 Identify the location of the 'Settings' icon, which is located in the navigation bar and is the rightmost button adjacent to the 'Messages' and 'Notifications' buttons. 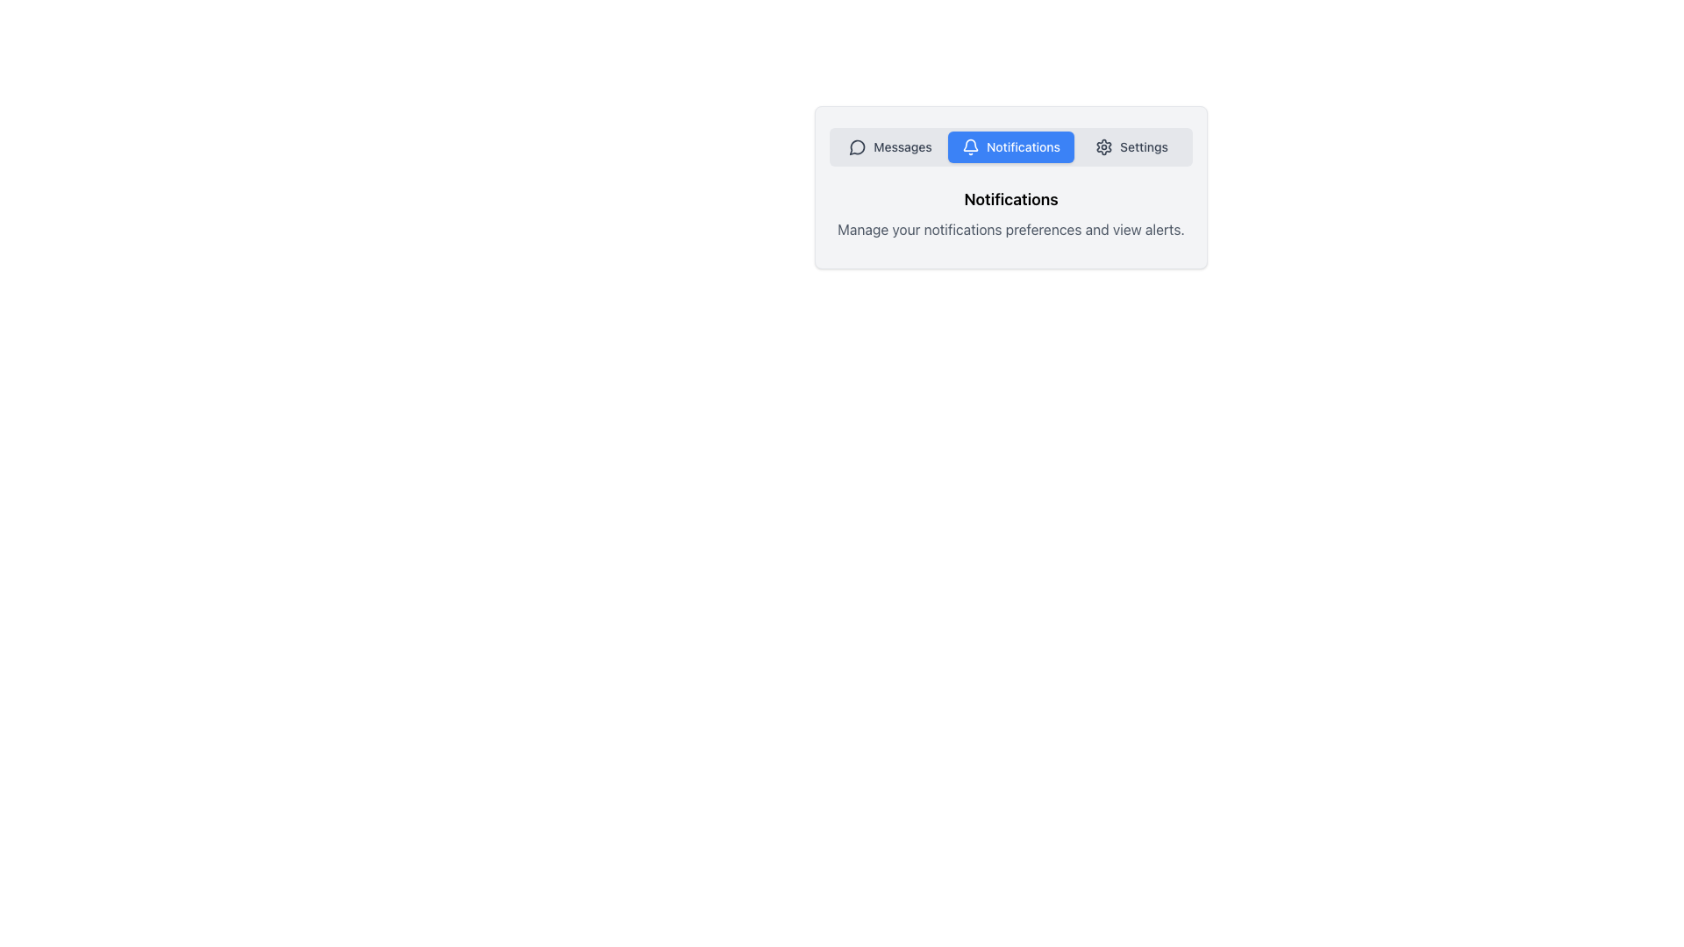
(1102, 146).